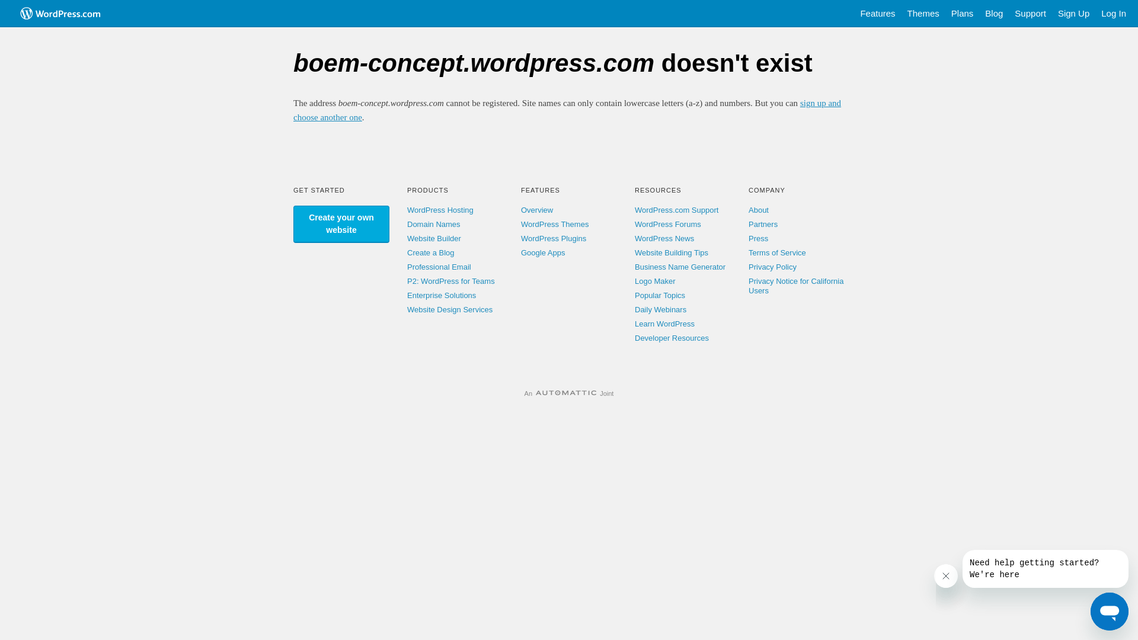  I want to click on 'Create a Blog', so click(430, 252).